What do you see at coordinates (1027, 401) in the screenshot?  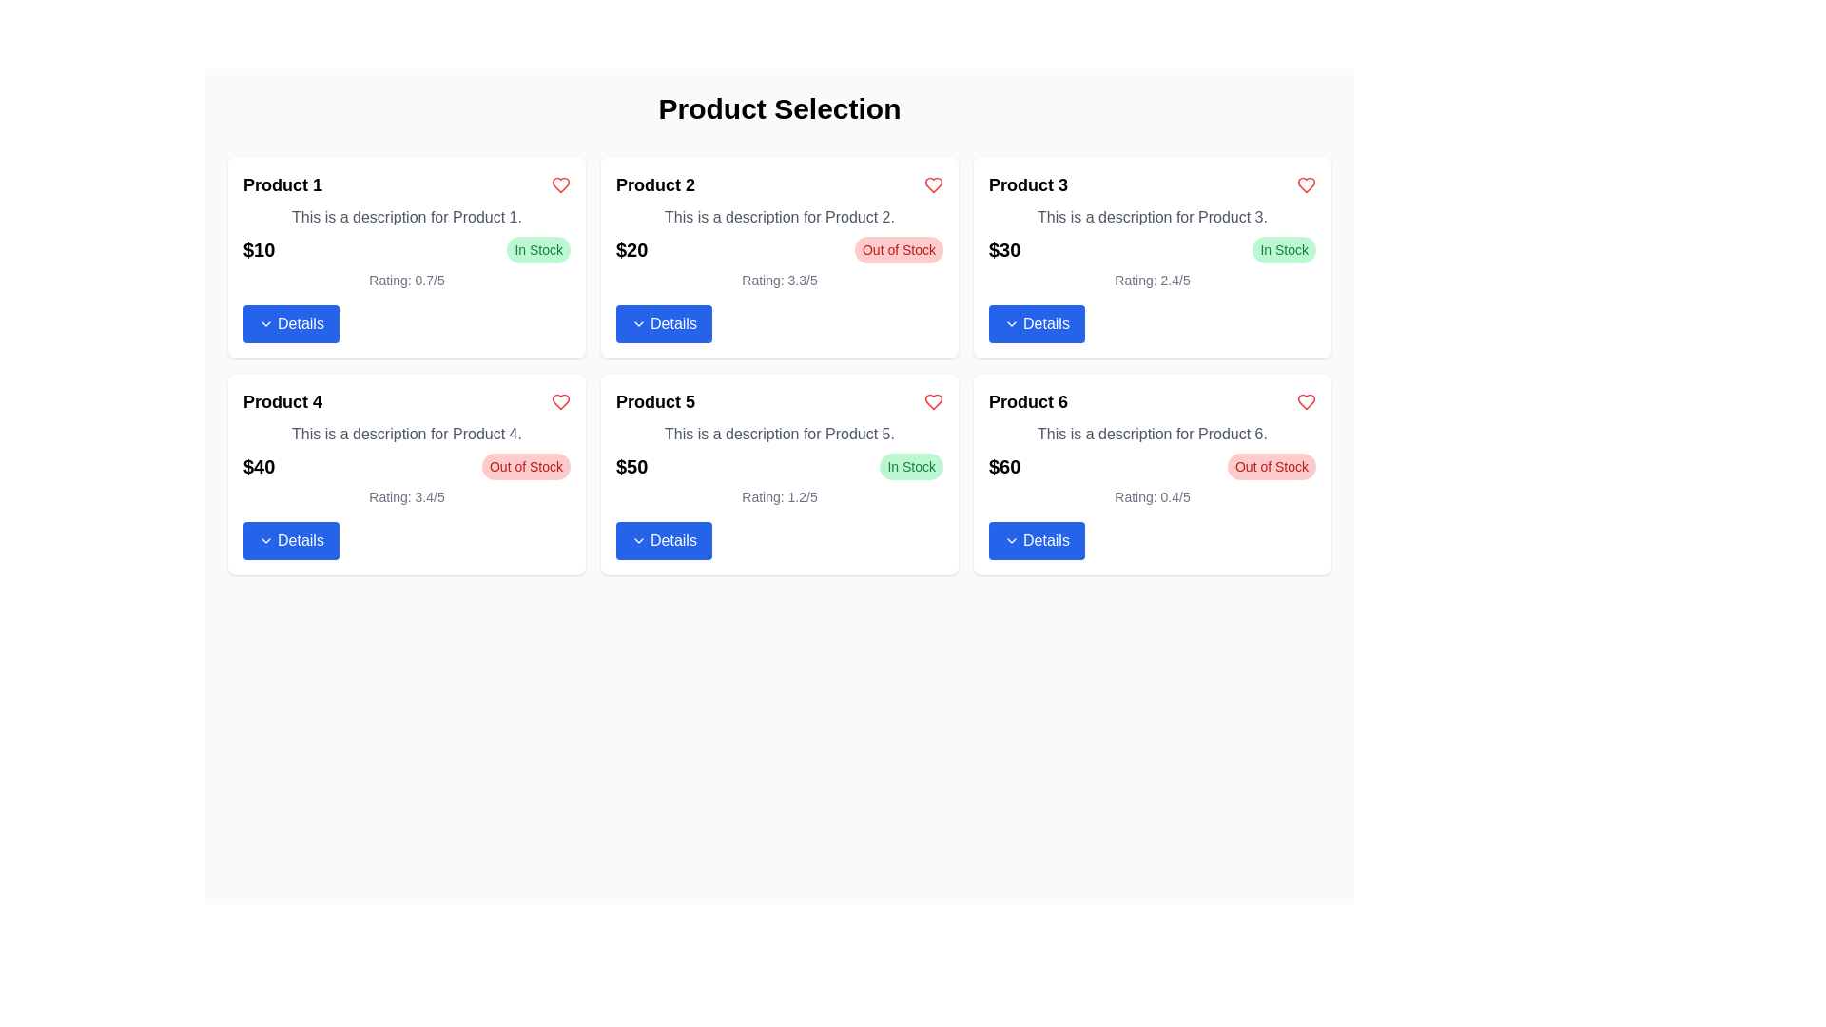 I see `text label that presents the product's title, specifically identifying 'Product 6' within the card layout` at bounding box center [1027, 401].